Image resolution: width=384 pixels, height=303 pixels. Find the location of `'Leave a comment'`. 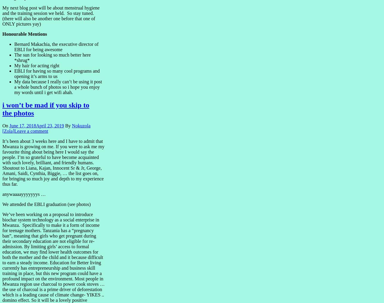

'Leave a comment' is located at coordinates (31, 130).